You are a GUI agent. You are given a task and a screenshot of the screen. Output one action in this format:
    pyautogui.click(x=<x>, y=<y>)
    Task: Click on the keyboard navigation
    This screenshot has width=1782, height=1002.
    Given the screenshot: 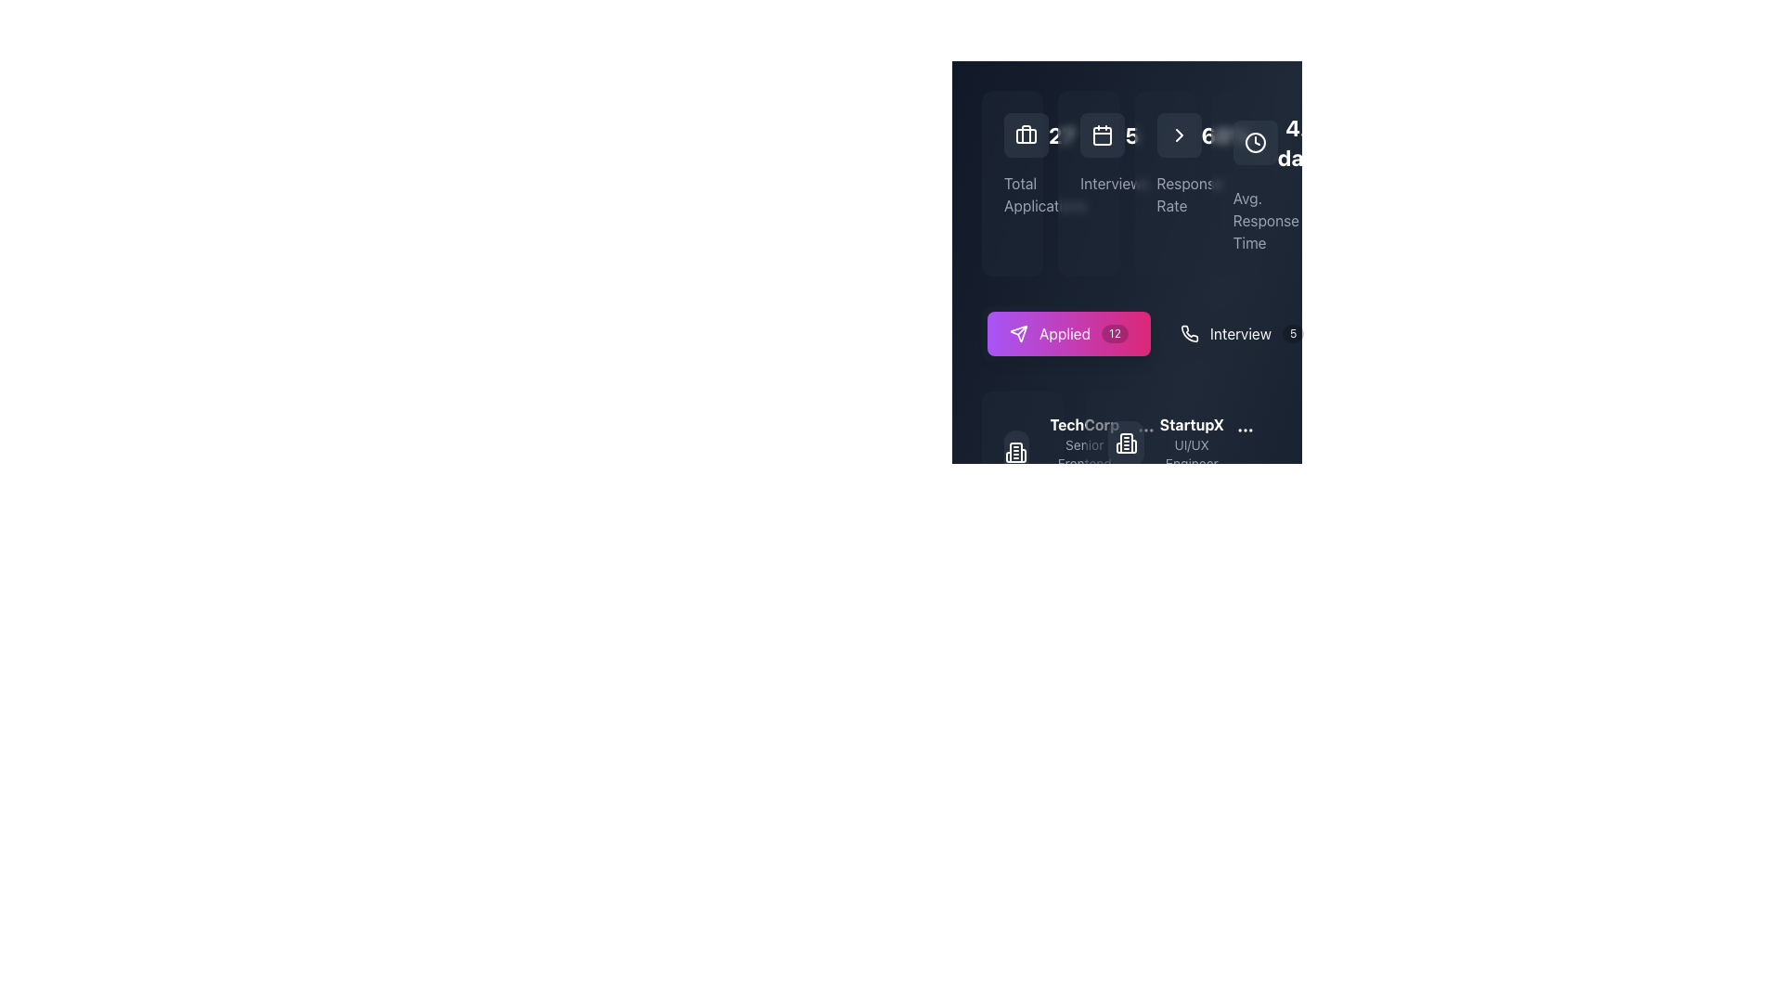 What is the action you would take?
    pyautogui.click(x=1069, y=332)
    